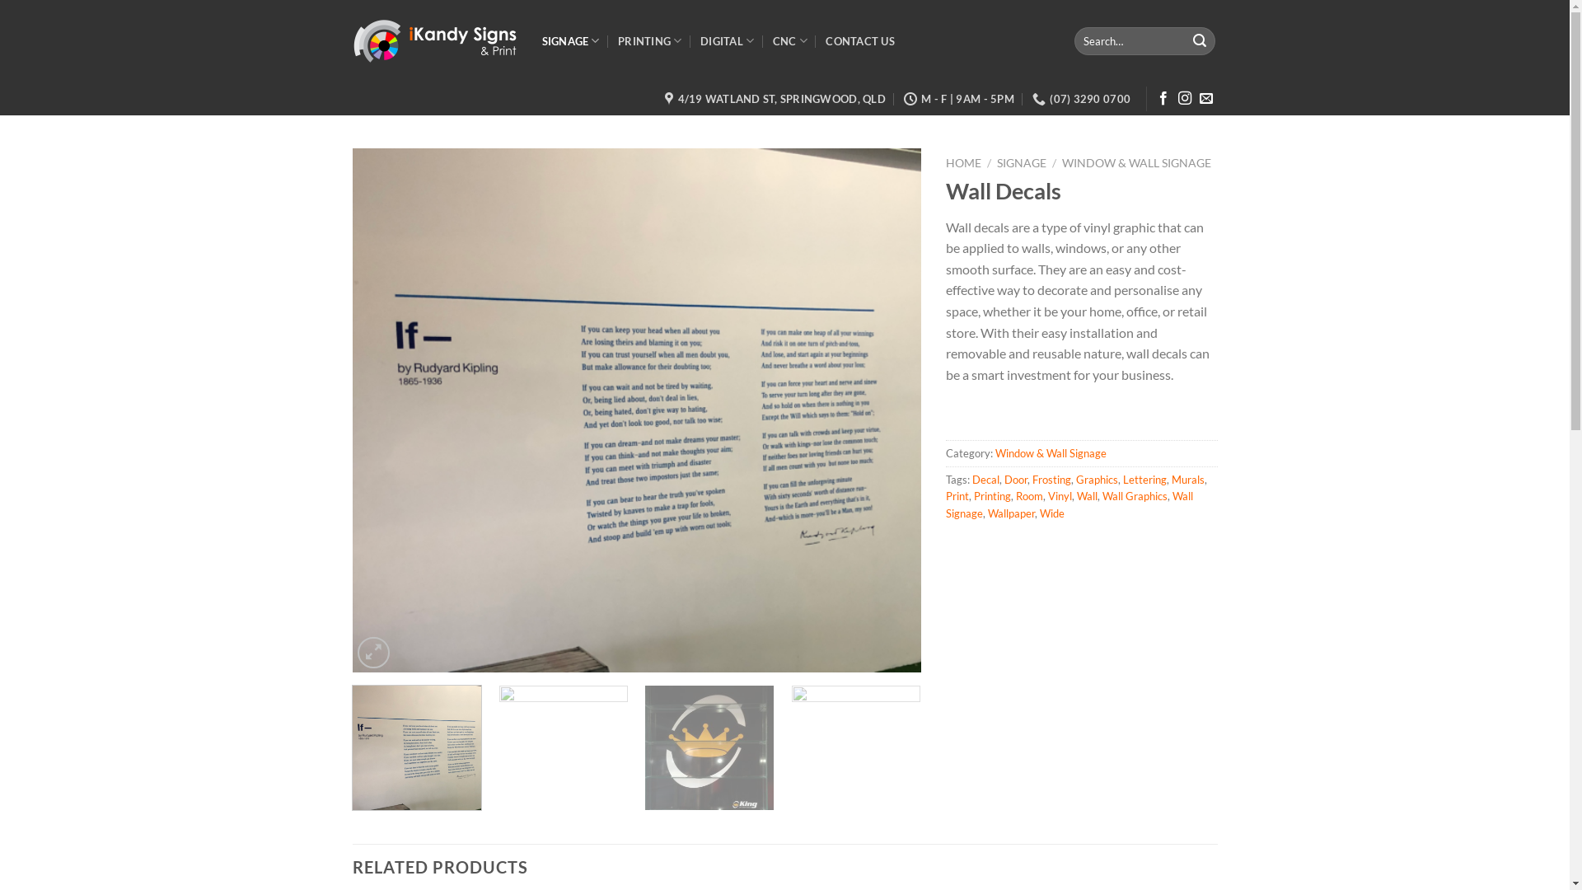  I want to click on 'Wall', so click(1086, 494).